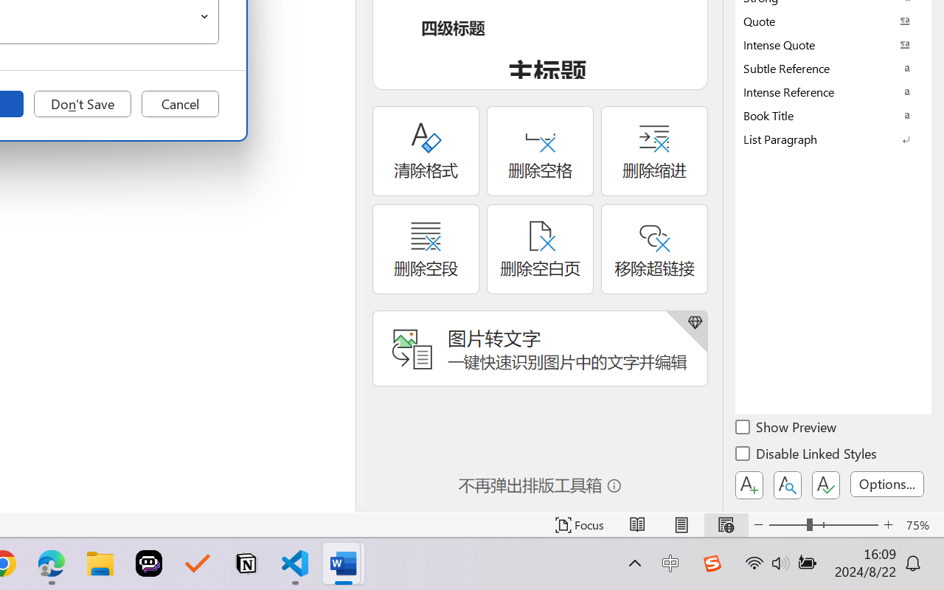 This screenshot has width=944, height=590. I want to click on 'Subtle Reference', so click(833, 68).